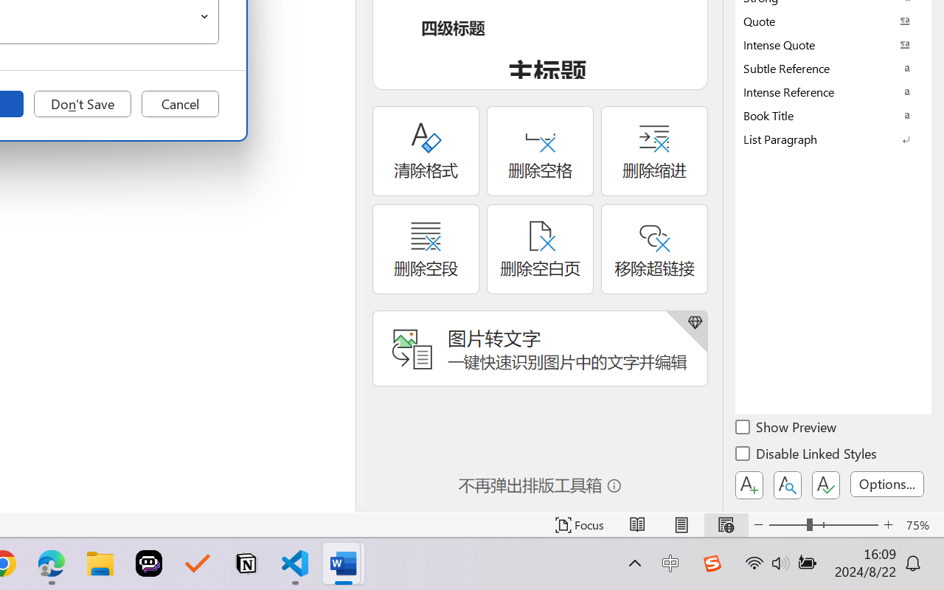 This screenshot has width=944, height=590. I want to click on 'Subtle Reference', so click(833, 68).